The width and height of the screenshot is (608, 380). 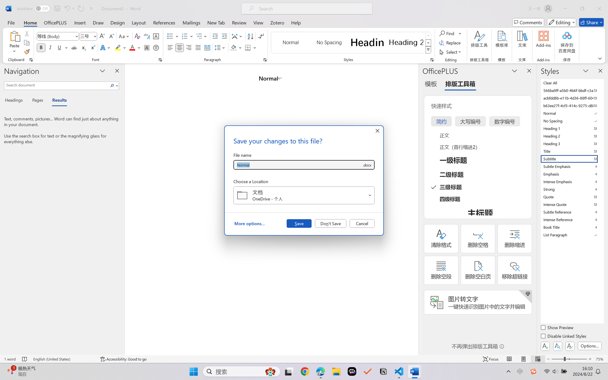 I want to click on 'Zoom In', so click(x=590, y=359).